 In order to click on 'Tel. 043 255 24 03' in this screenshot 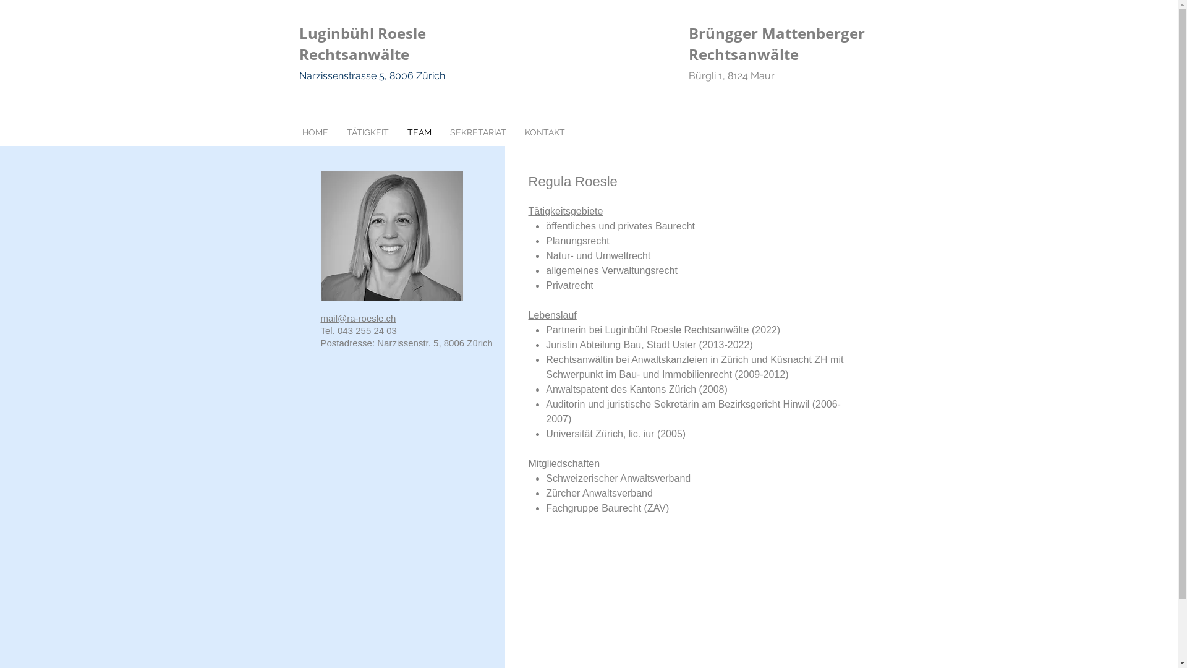, I will do `click(357, 330)`.